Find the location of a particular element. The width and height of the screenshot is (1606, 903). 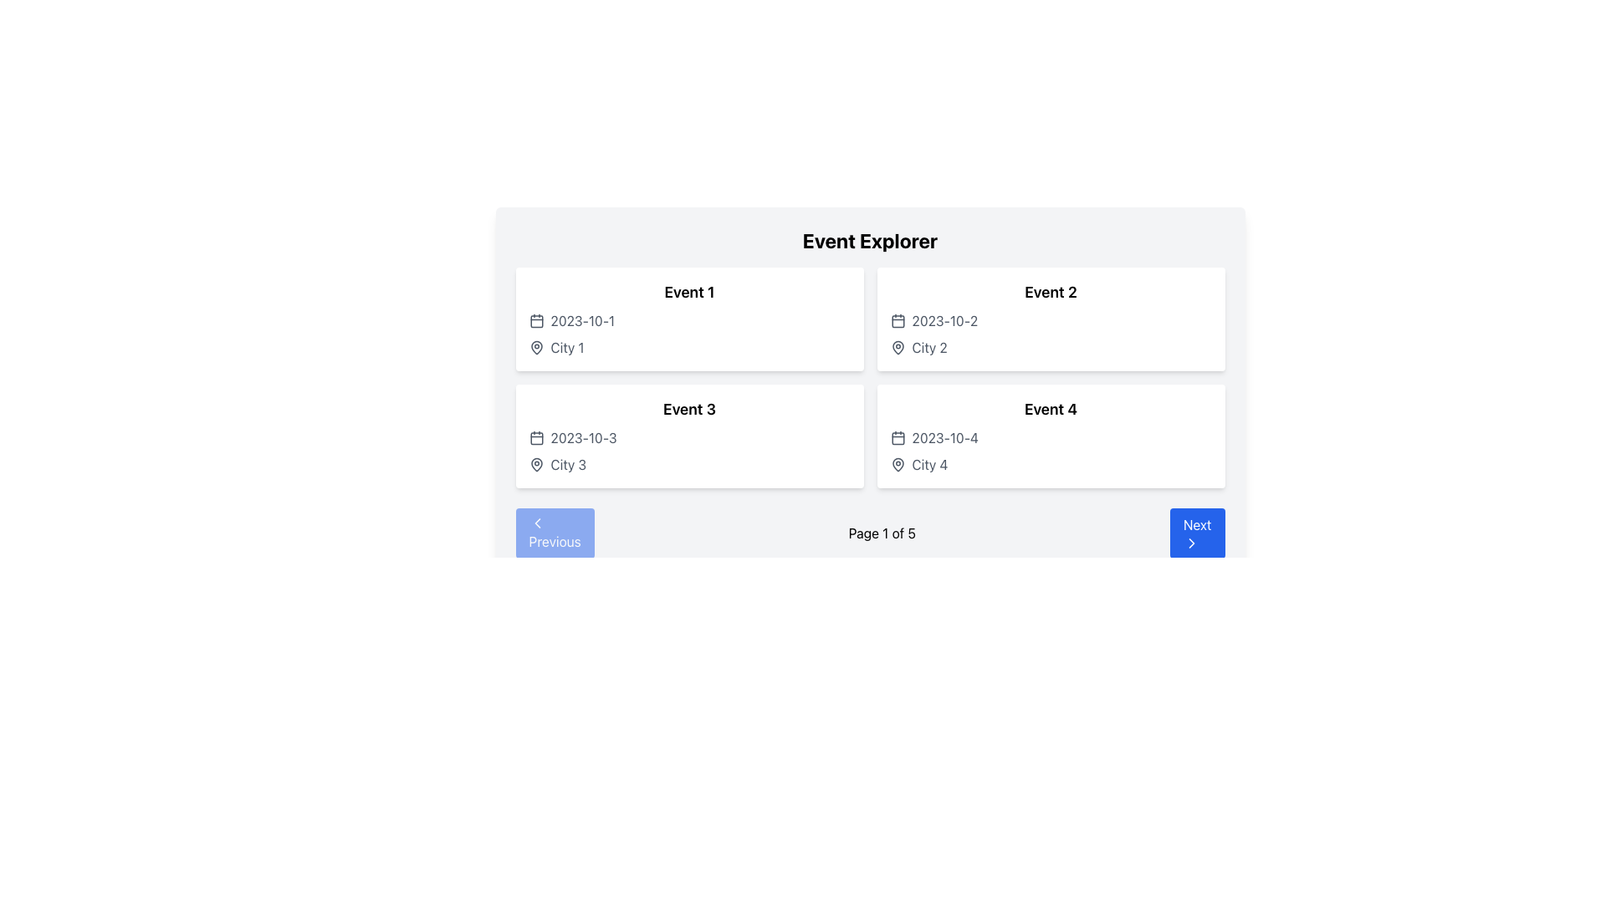

the Static Text element that serves as the title or identifier for the event, located in the lower right quadrant of the main event grid is located at coordinates (1050, 409).